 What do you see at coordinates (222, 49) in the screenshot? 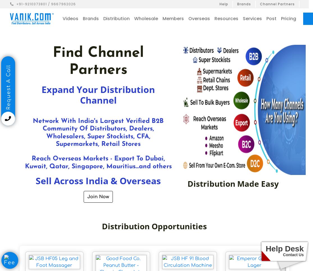
I see `'Overseas Trade Leads'` at bounding box center [222, 49].